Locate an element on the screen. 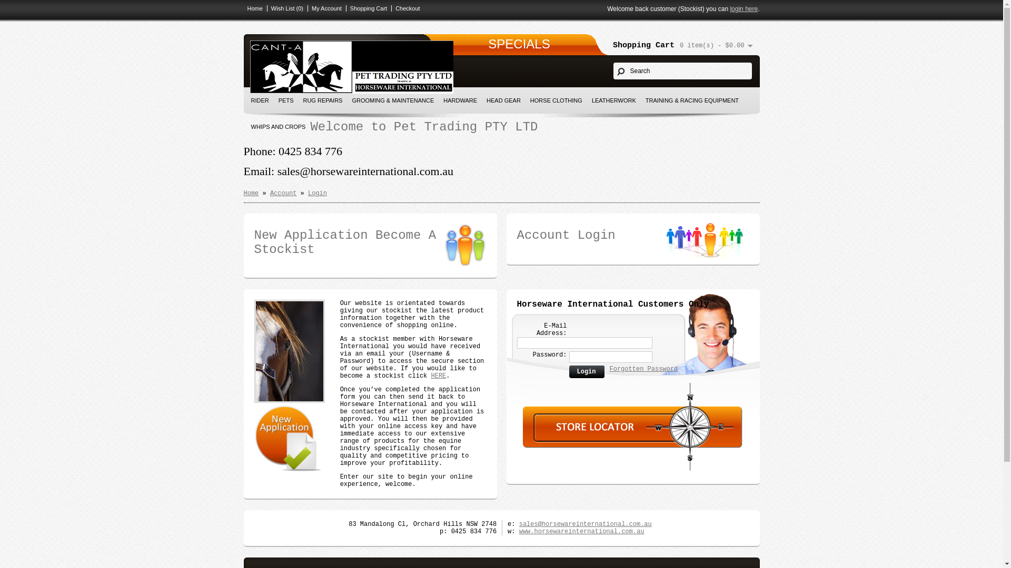  'Find your nearest store. (Stockist)' is located at coordinates (632, 446).